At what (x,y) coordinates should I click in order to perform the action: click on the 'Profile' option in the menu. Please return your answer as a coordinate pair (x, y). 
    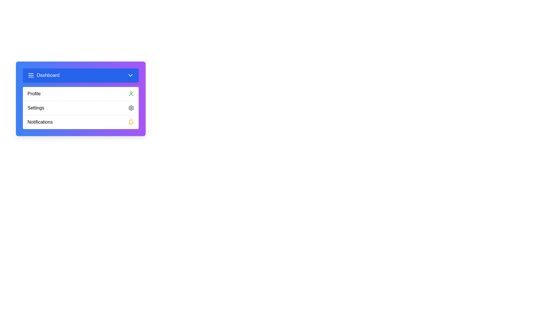
    Looking at the image, I should click on (80, 93).